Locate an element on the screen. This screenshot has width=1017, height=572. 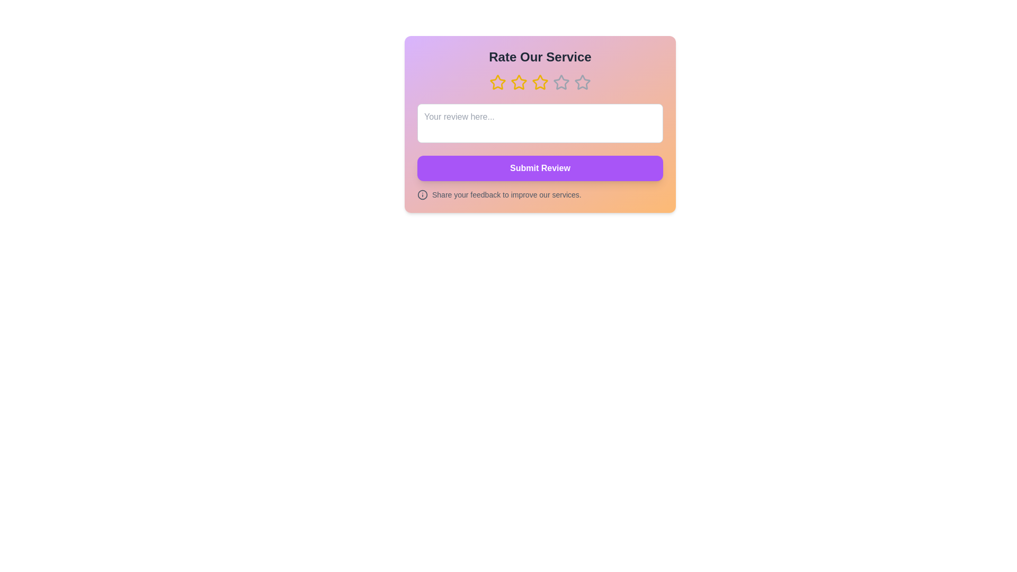
the second star icon in the rating system to rate it is located at coordinates (519, 82).